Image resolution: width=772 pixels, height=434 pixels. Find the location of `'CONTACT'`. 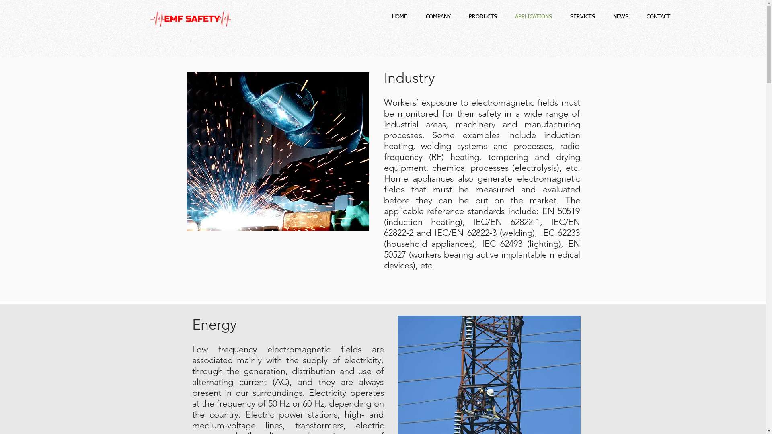

'CONTACT' is located at coordinates (658, 17).